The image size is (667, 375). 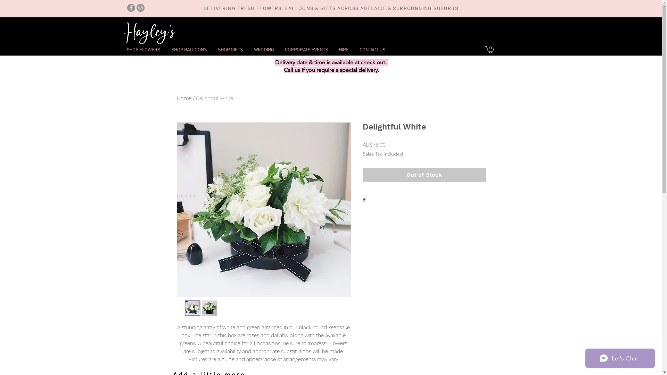 I want to click on 'CONTACT US', so click(x=353, y=50).